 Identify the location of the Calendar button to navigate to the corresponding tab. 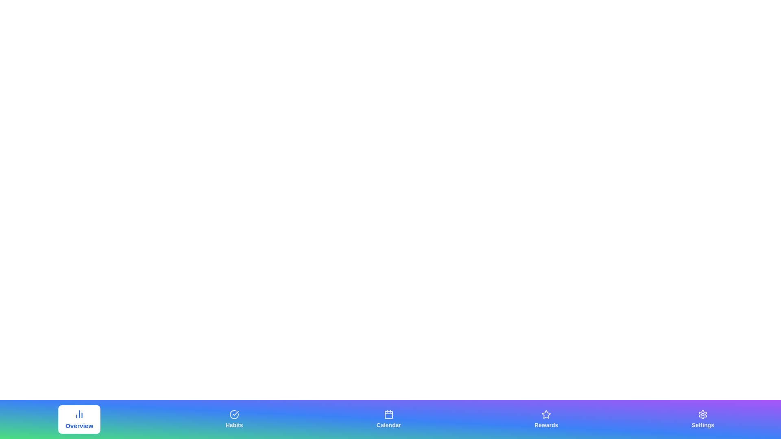
(388, 419).